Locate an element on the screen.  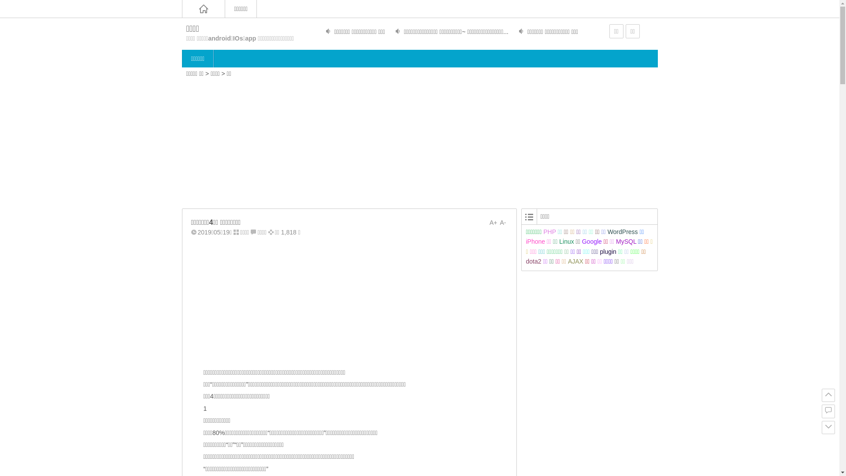
'dota2' is located at coordinates (533, 261).